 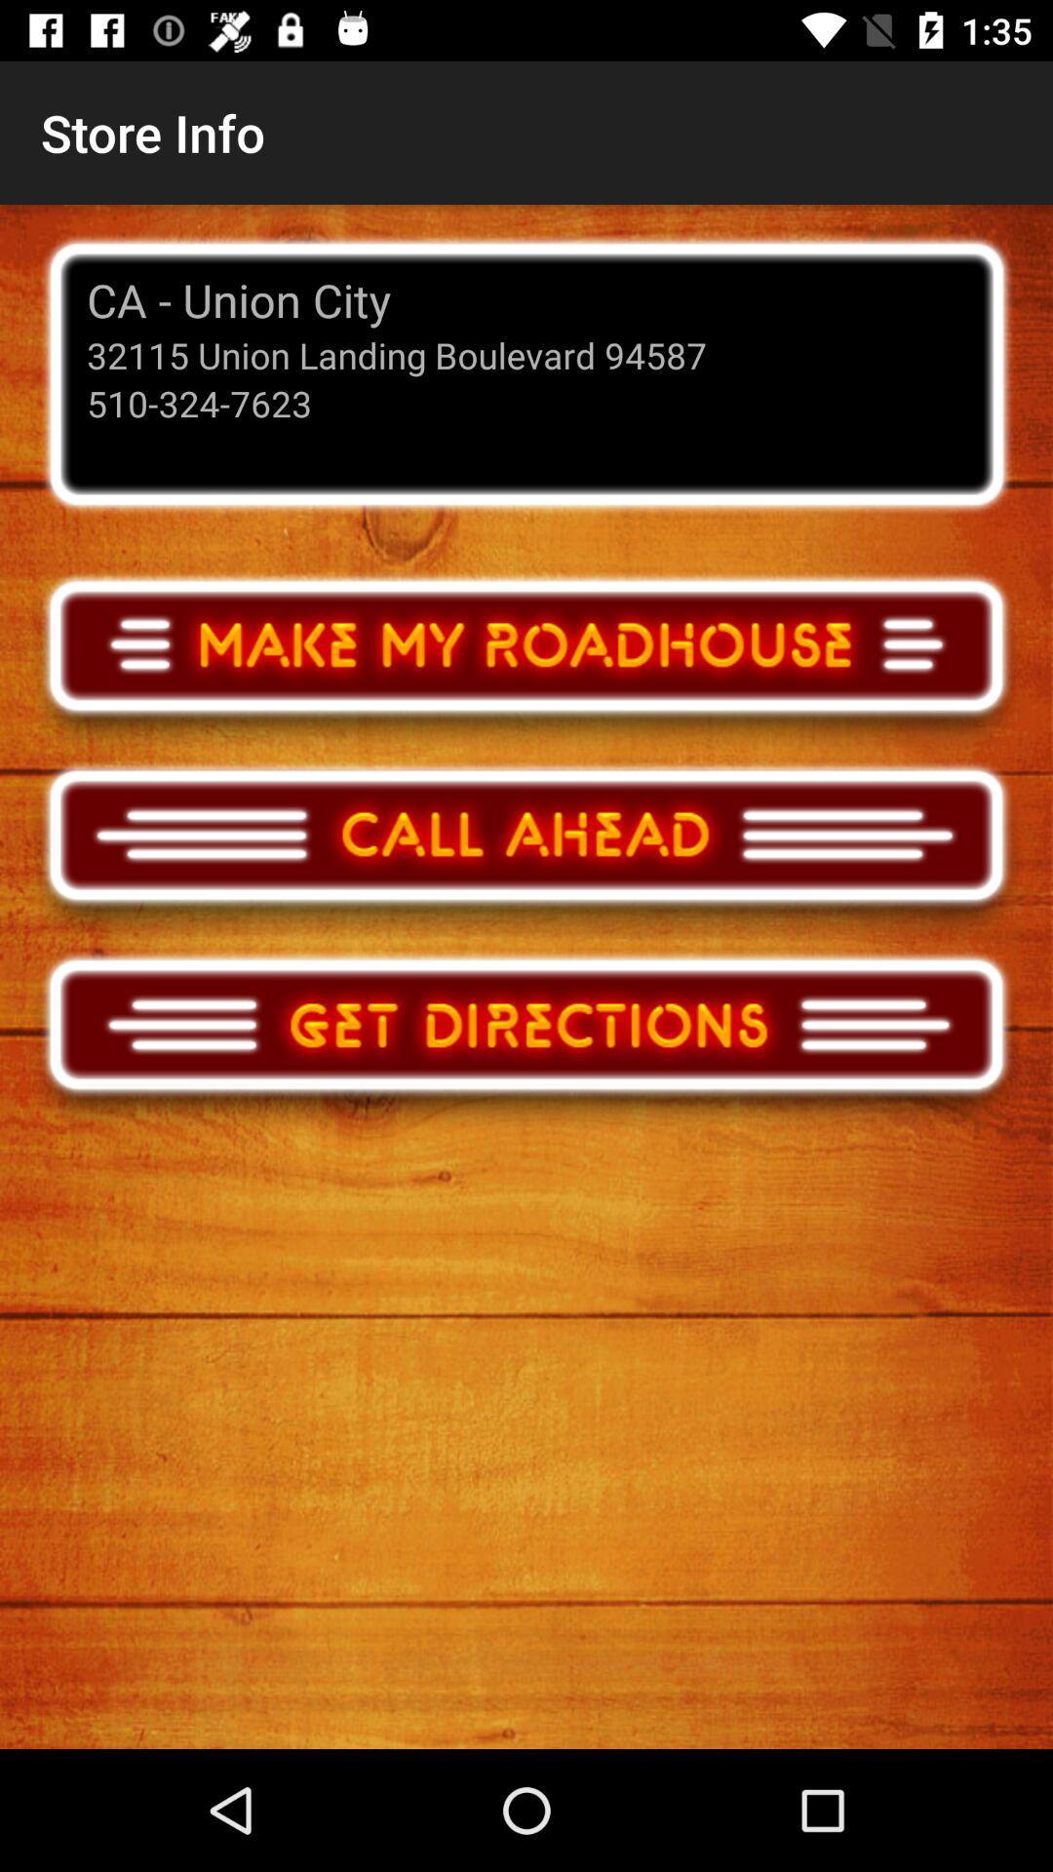 I want to click on get directions, so click(x=526, y=1041).